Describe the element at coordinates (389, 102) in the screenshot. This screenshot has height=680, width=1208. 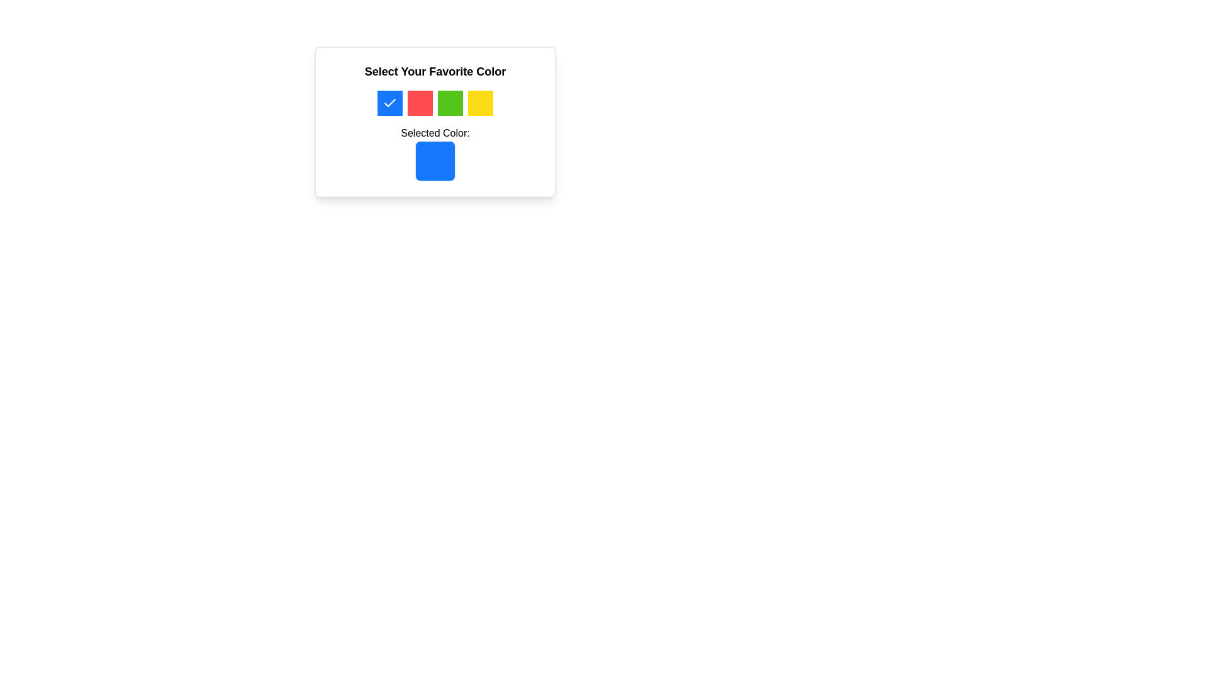
I see `the SVG checkmark element that indicates the selected color in the top-left blue square under 'Select Your Favorite Color'` at that location.